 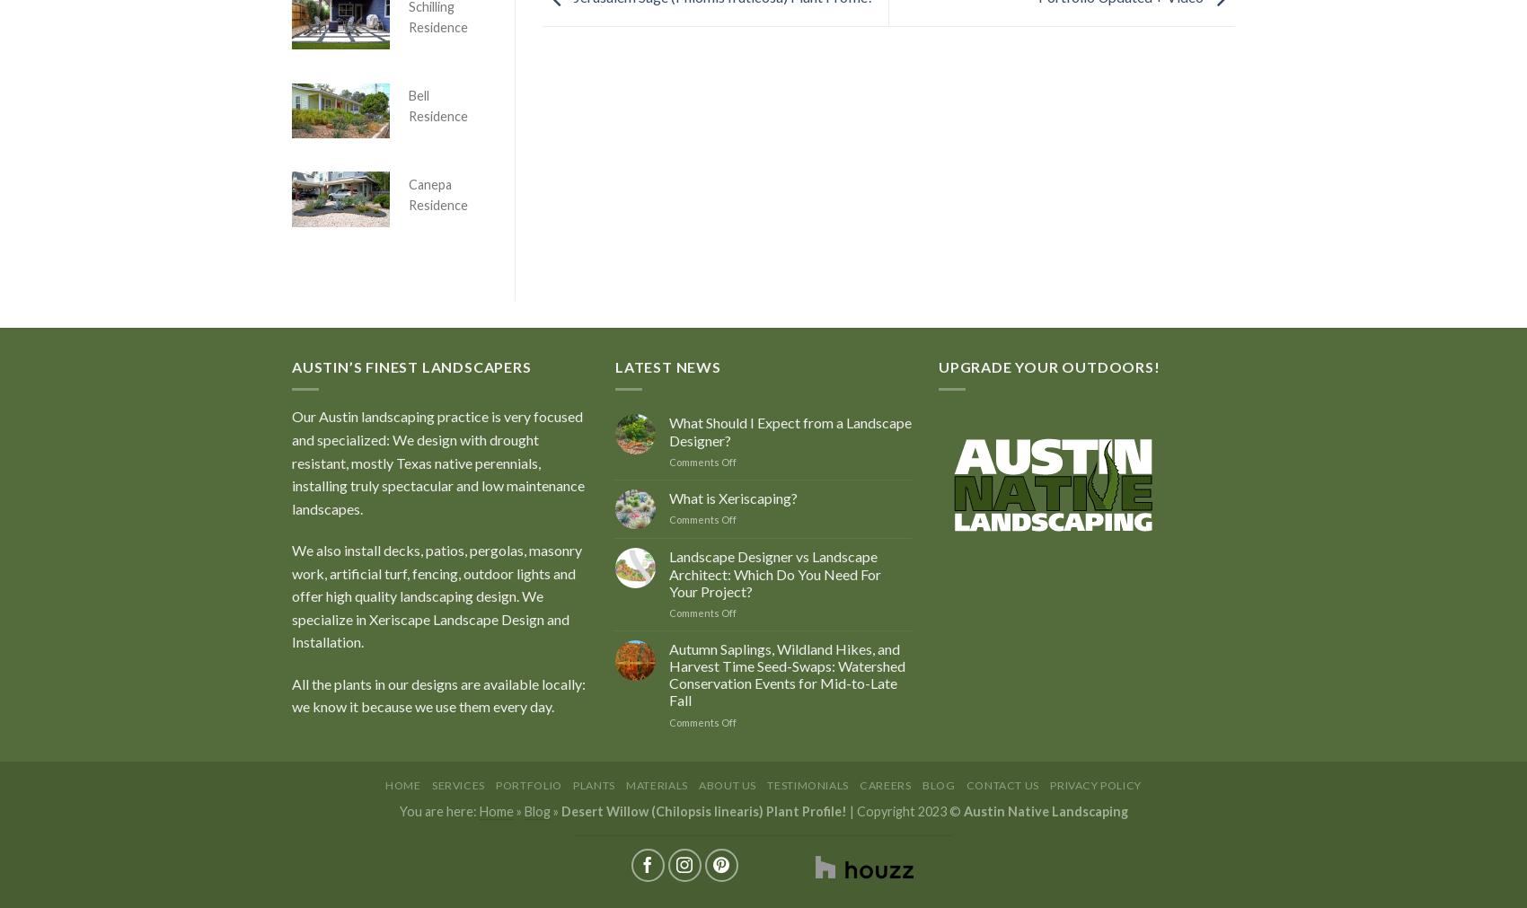 I want to click on 'Contact Us', so click(x=1002, y=784).